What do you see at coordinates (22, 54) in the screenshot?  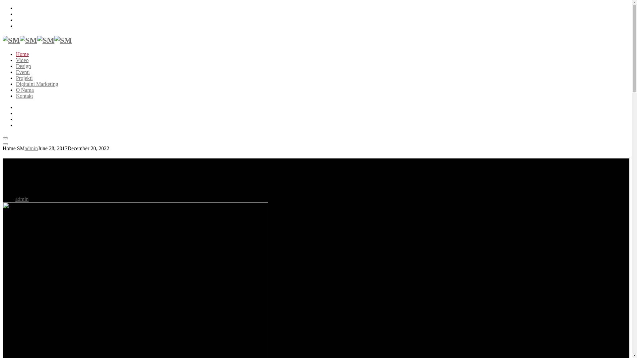 I see `'Home'` at bounding box center [22, 54].